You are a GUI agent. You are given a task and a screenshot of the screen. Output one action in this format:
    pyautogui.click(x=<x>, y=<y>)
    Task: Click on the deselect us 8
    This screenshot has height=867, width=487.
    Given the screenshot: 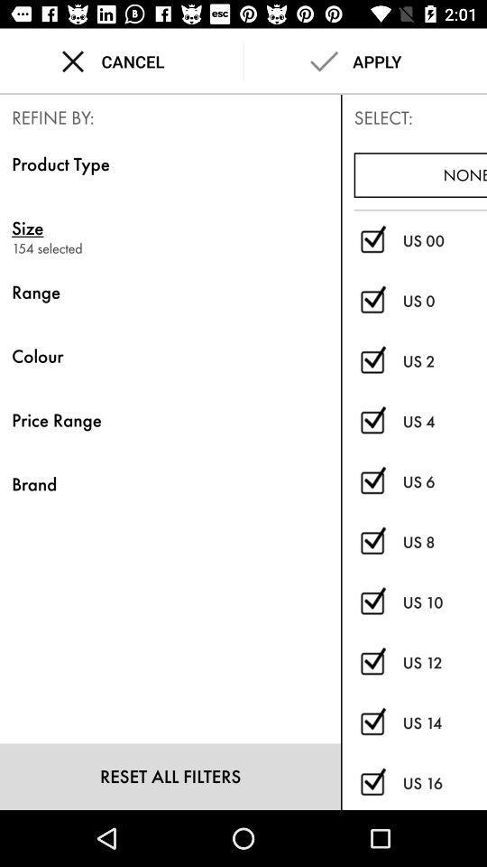 What is the action you would take?
    pyautogui.click(x=372, y=542)
    